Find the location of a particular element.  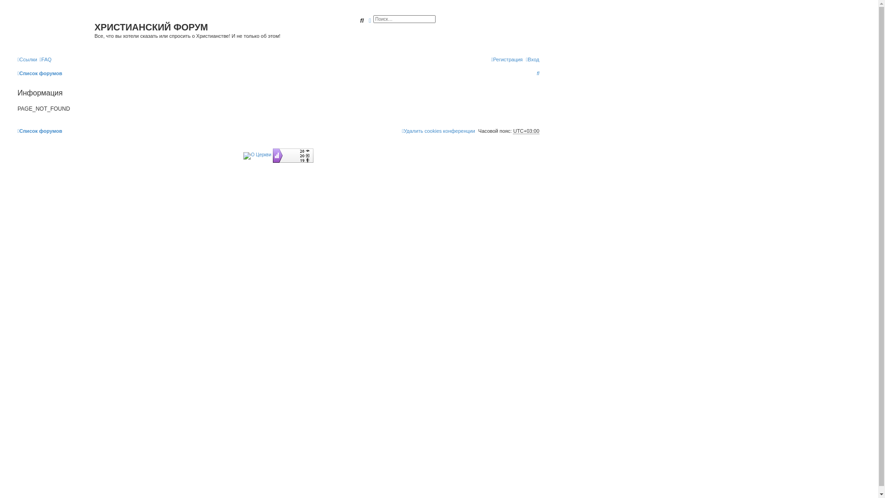

'FAQ' is located at coordinates (39, 59).